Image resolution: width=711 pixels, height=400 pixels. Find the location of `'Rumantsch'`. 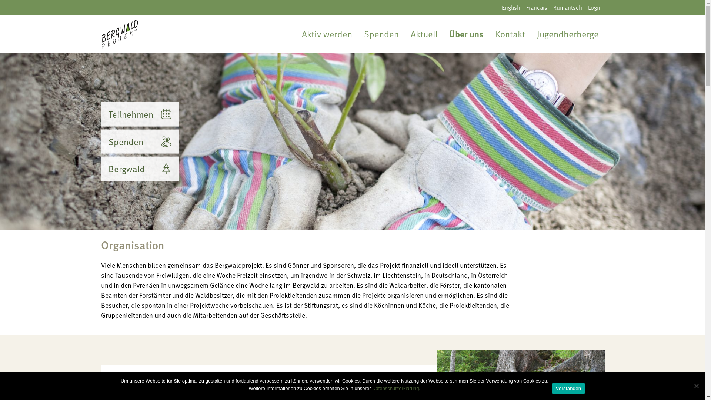

'Rumantsch' is located at coordinates (567, 7).